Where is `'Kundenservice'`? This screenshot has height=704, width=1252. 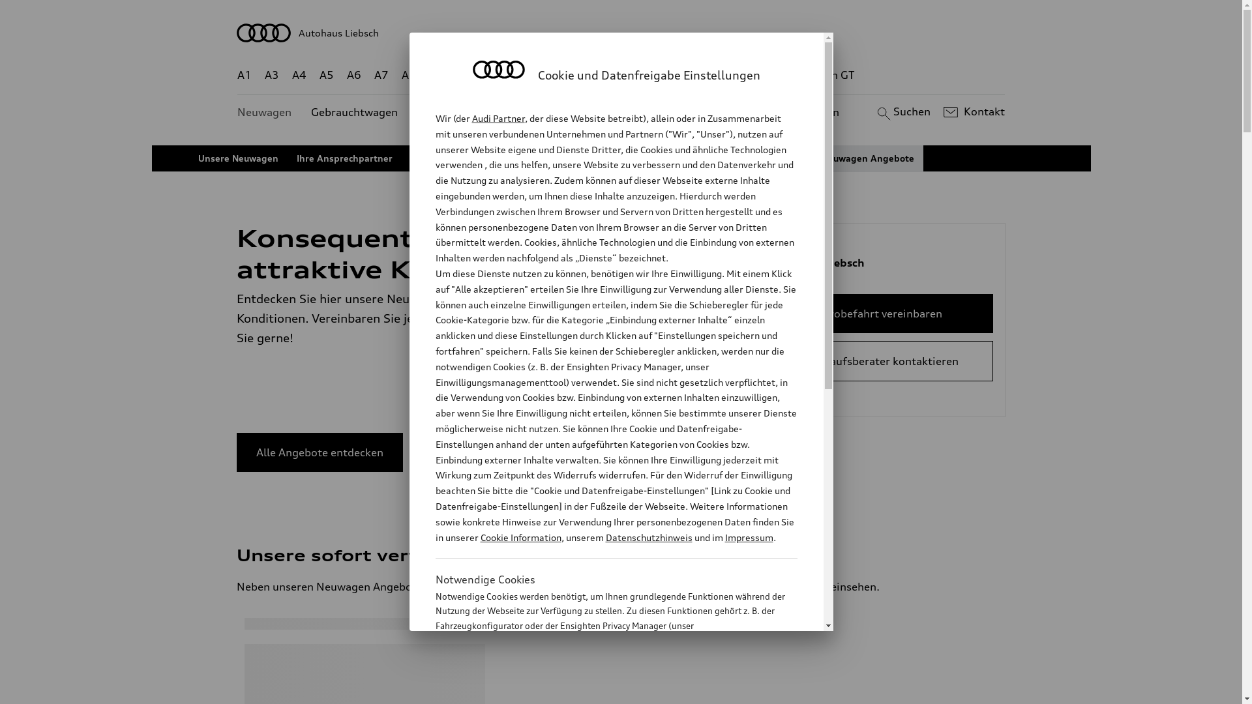 'Kundenservice' is located at coordinates (629, 111).